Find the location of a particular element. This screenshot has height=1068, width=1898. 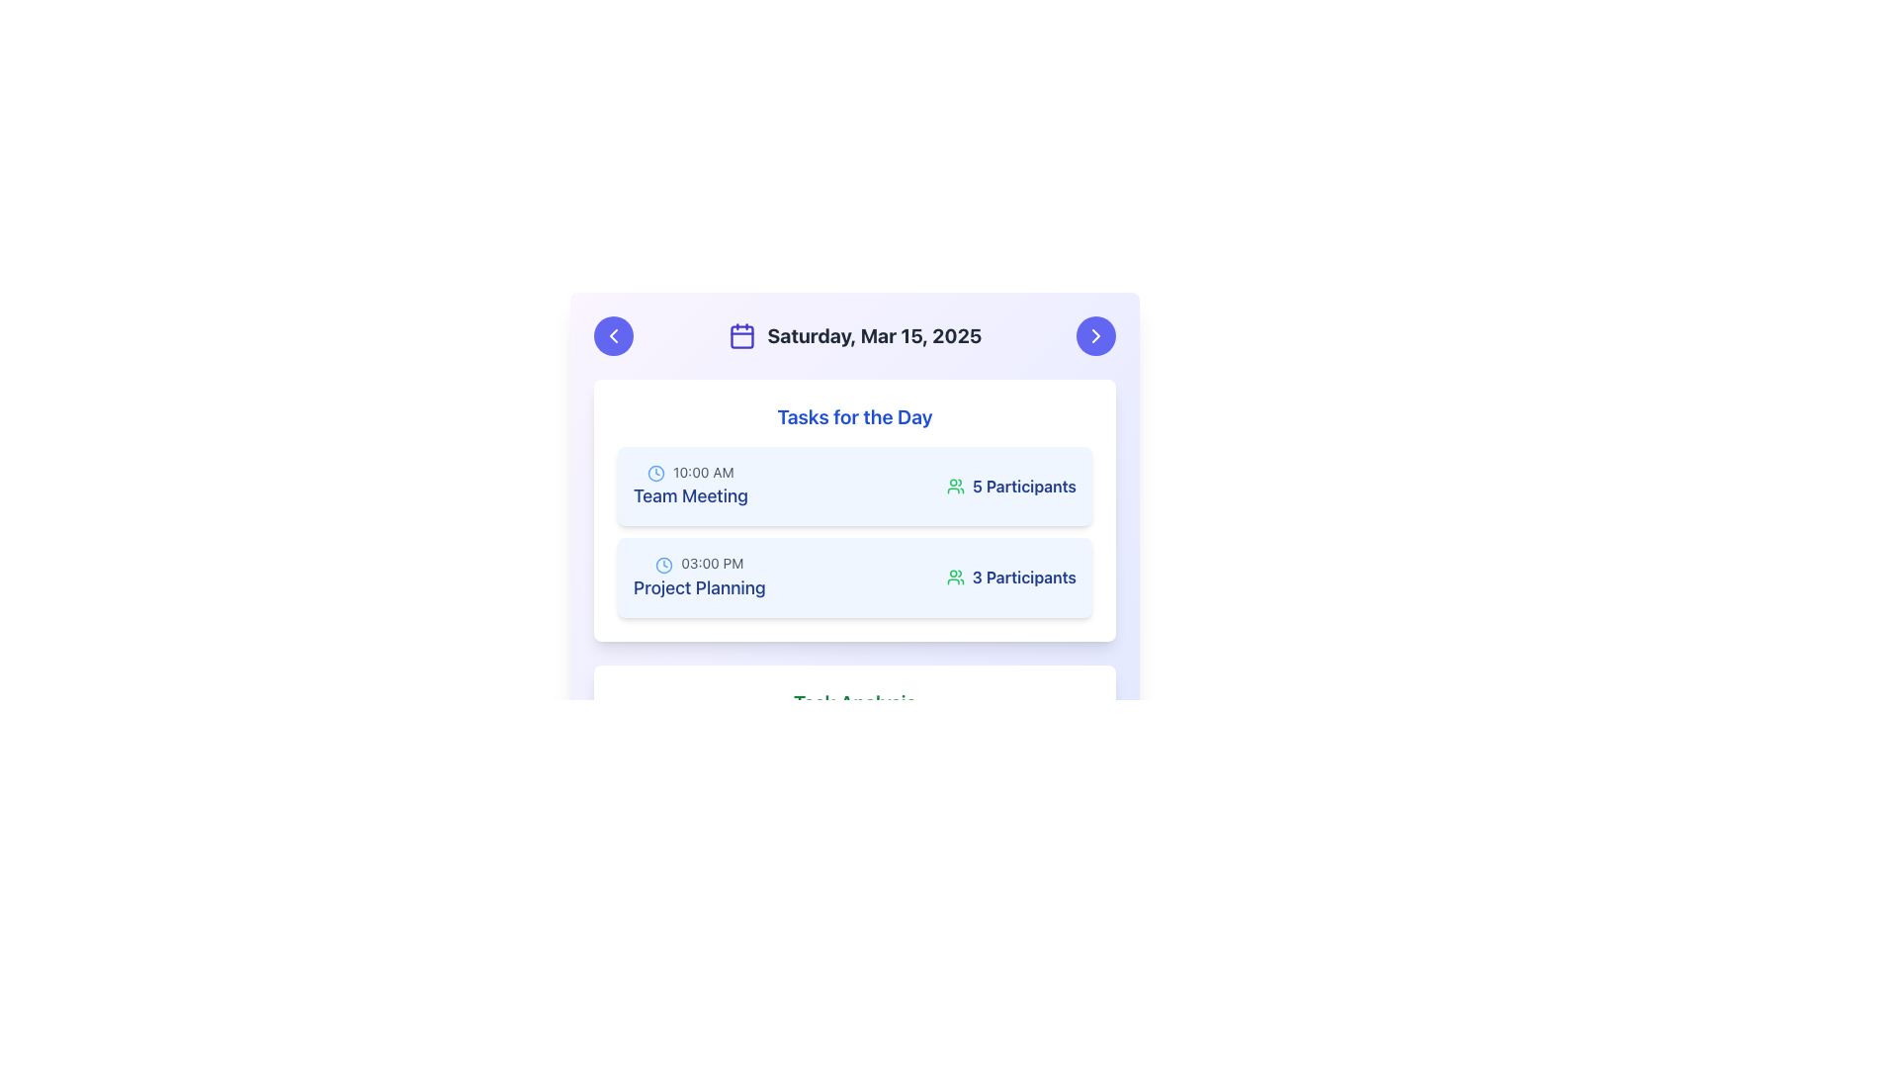

the text label with an icon that displays the number of participants for the 'Team Meeting' event, located in the right side of the 'Team Meeting' row in the schedule list is located at coordinates (1011, 487).